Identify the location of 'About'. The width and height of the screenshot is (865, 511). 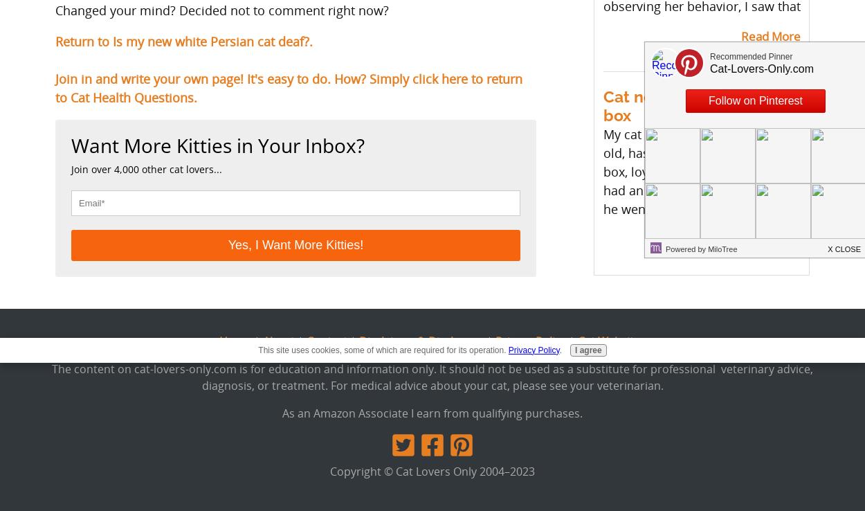
(279, 341).